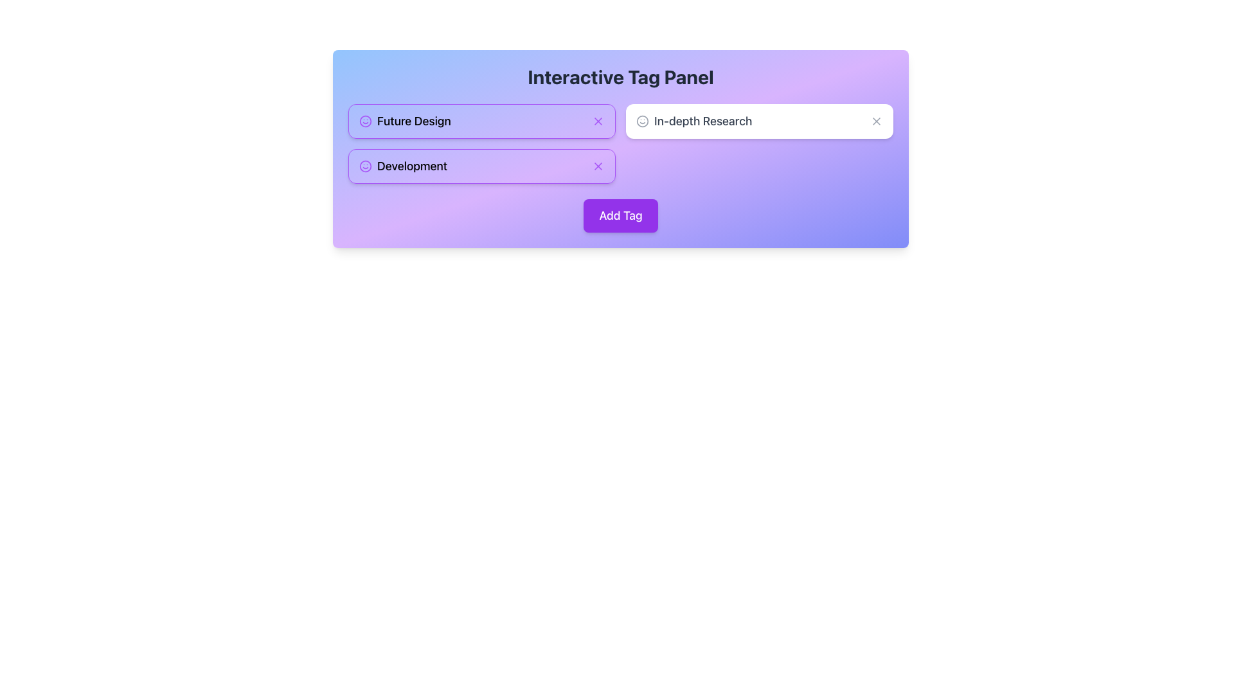 The height and width of the screenshot is (694, 1234). Describe the element at coordinates (642, 121) in the screenshot. I see `the smiling face icon located within the 'In-depth Research' tag in the interactive tag panel, positioned slightly above the center of the panel` at that location.